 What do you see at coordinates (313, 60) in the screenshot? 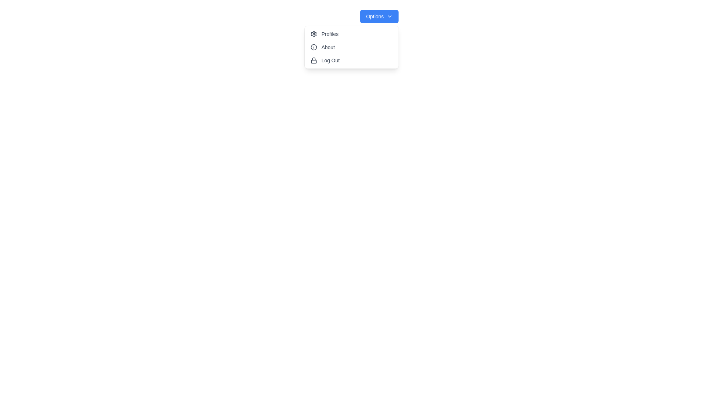
I see `the lock icon located to the left of the 'Log Out' text in the dropdown menu, which represents security or logout actions` at bounding box center [313, 60].